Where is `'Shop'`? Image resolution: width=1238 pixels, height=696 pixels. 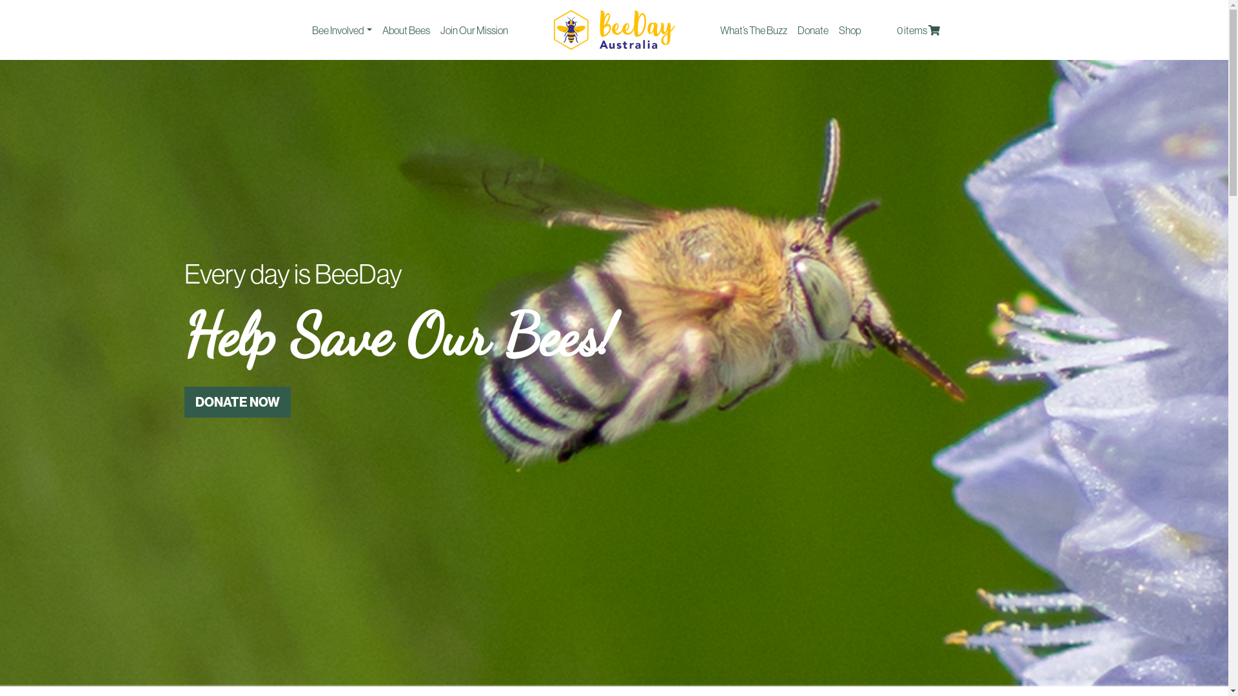 'Shop' is located at coordinates (850, 29).